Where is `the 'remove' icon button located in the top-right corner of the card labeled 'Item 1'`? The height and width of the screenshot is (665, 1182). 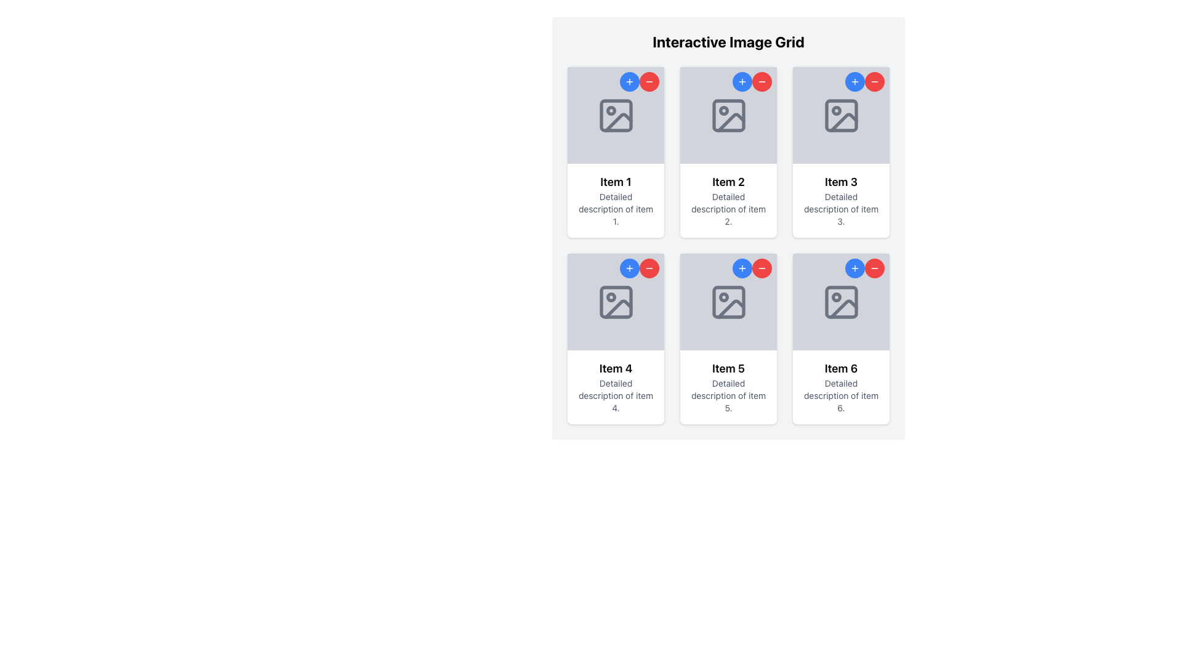 the 'remove' icon button located in the top-right corner of the card labeled 'Item 1' is located at coordinates (649, 81).